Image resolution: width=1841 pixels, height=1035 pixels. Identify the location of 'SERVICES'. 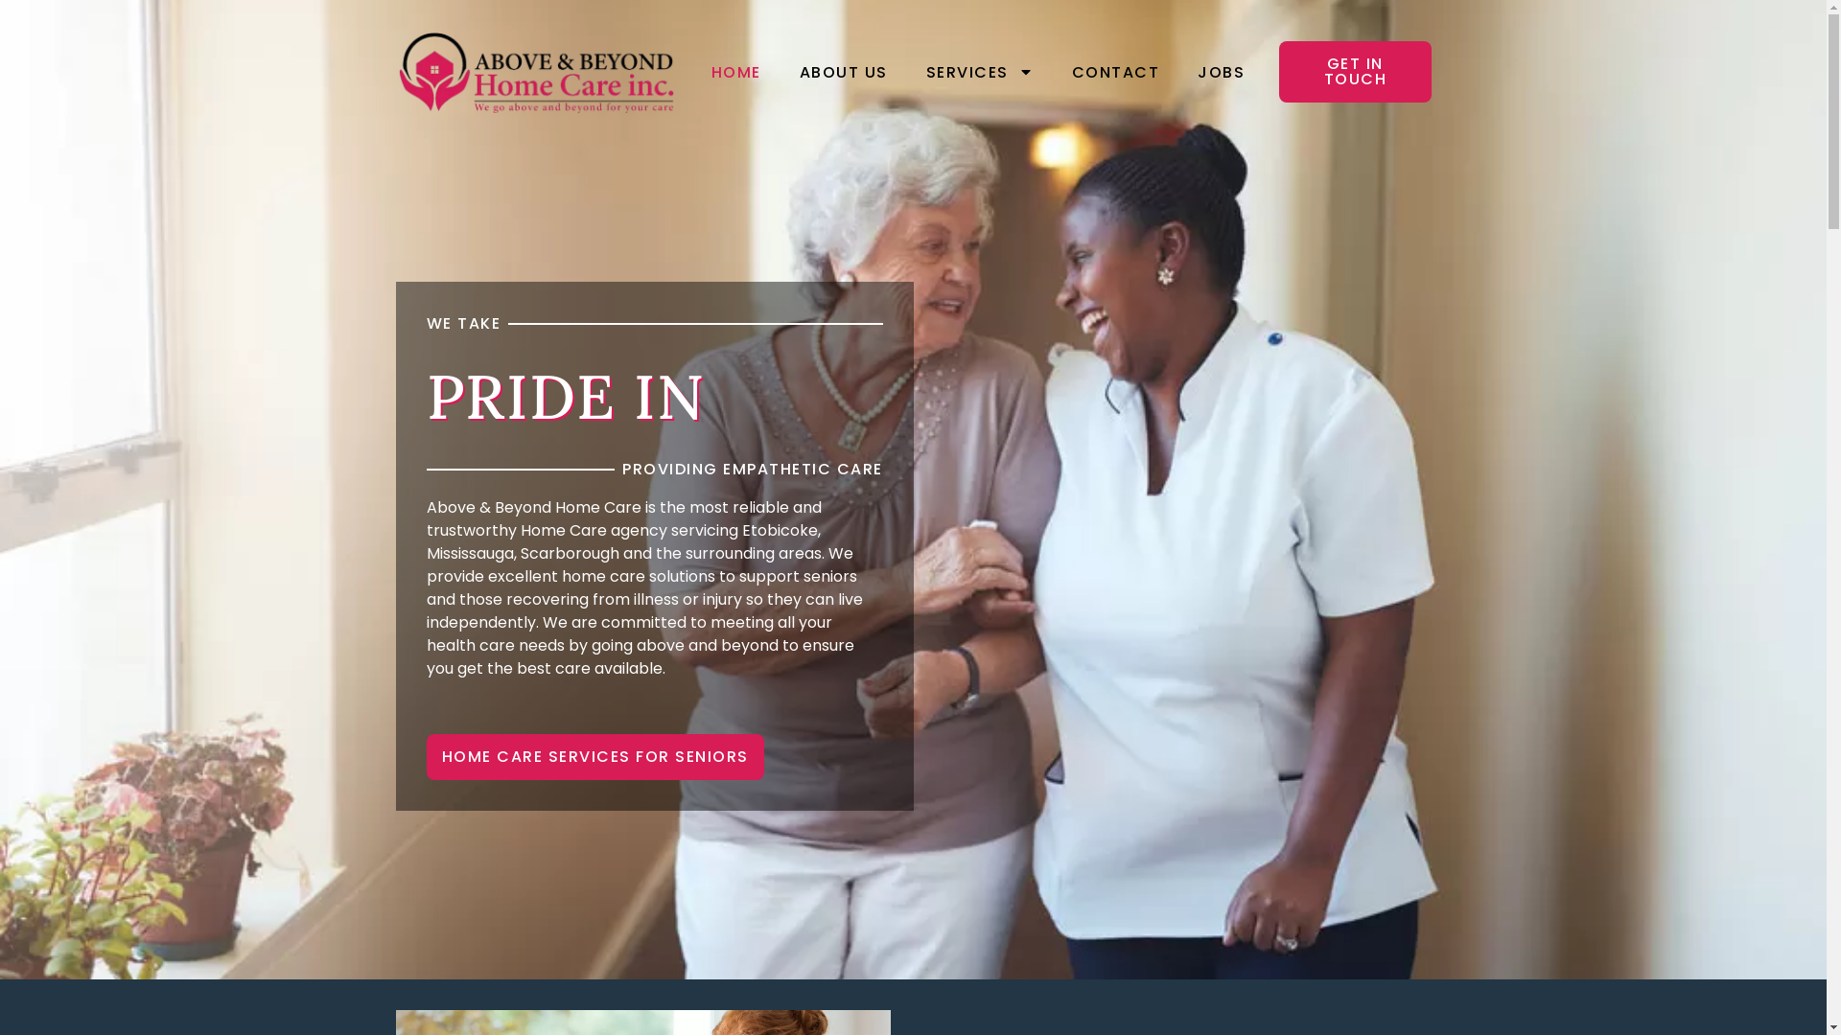
(980, 71).